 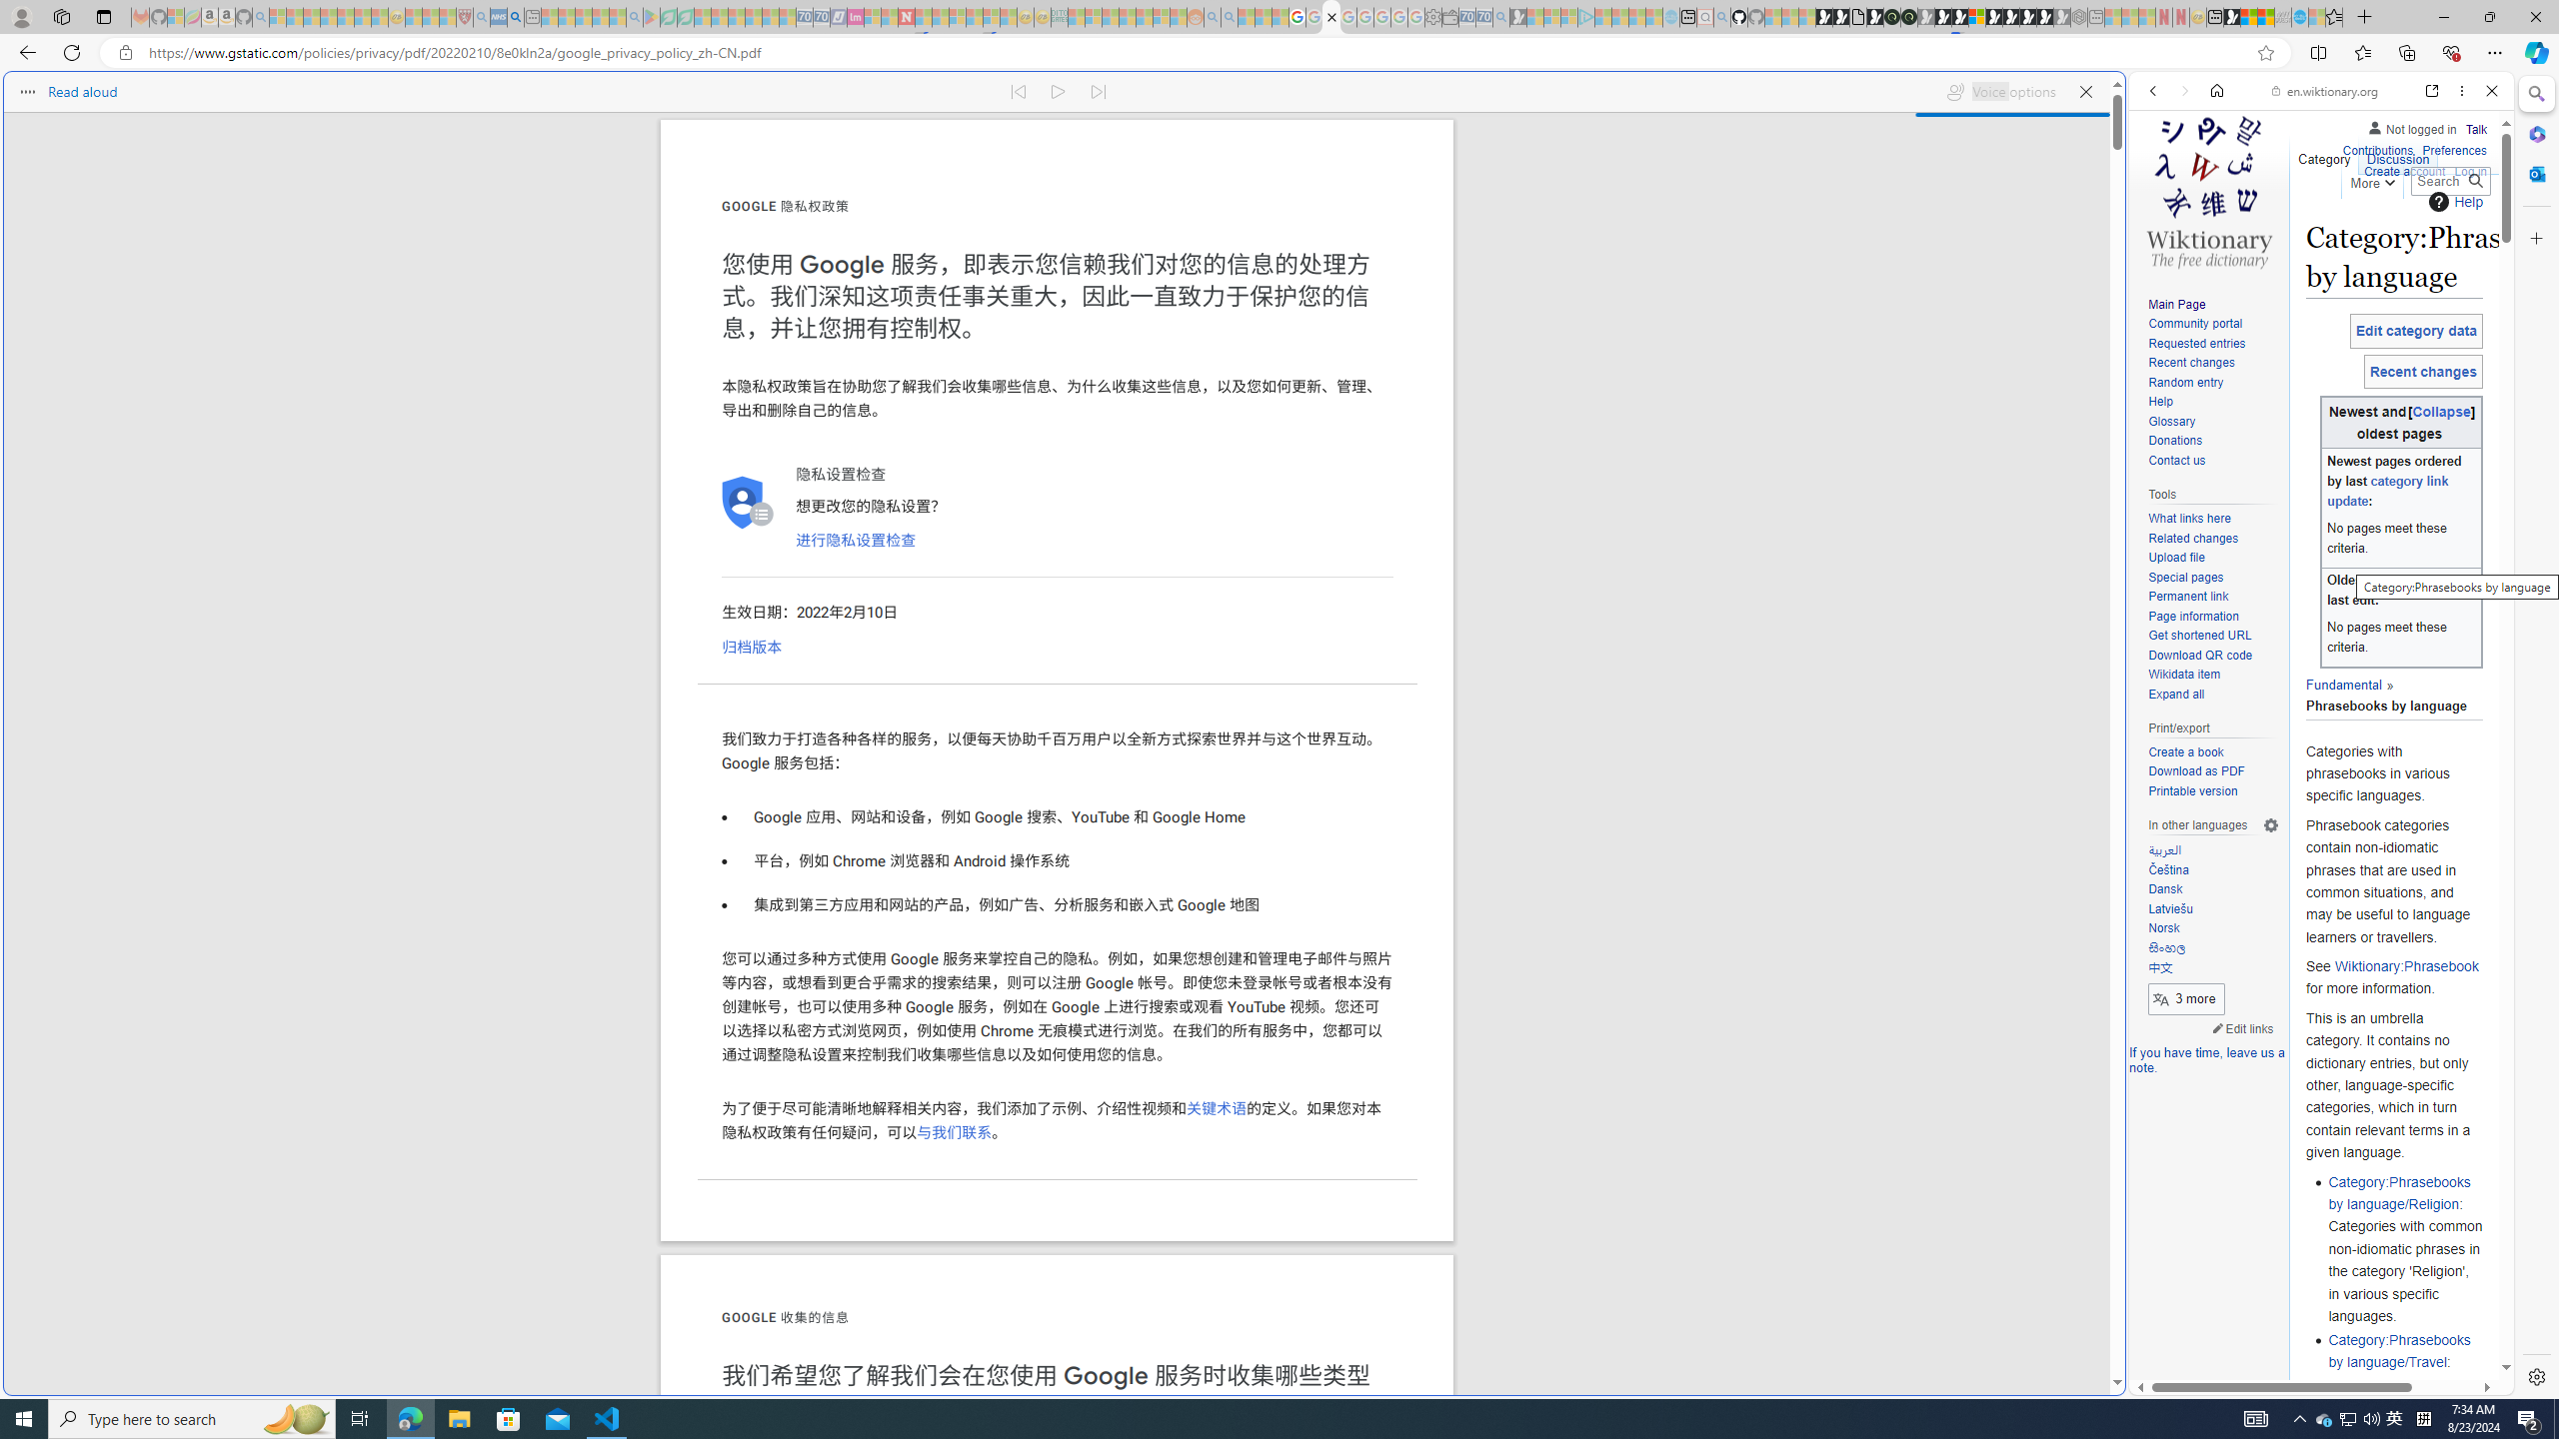 What do you see at coordinates (2212, 674) in the screenshot?
I see `'Wikidata item'` at bounding box center [2212, 674].